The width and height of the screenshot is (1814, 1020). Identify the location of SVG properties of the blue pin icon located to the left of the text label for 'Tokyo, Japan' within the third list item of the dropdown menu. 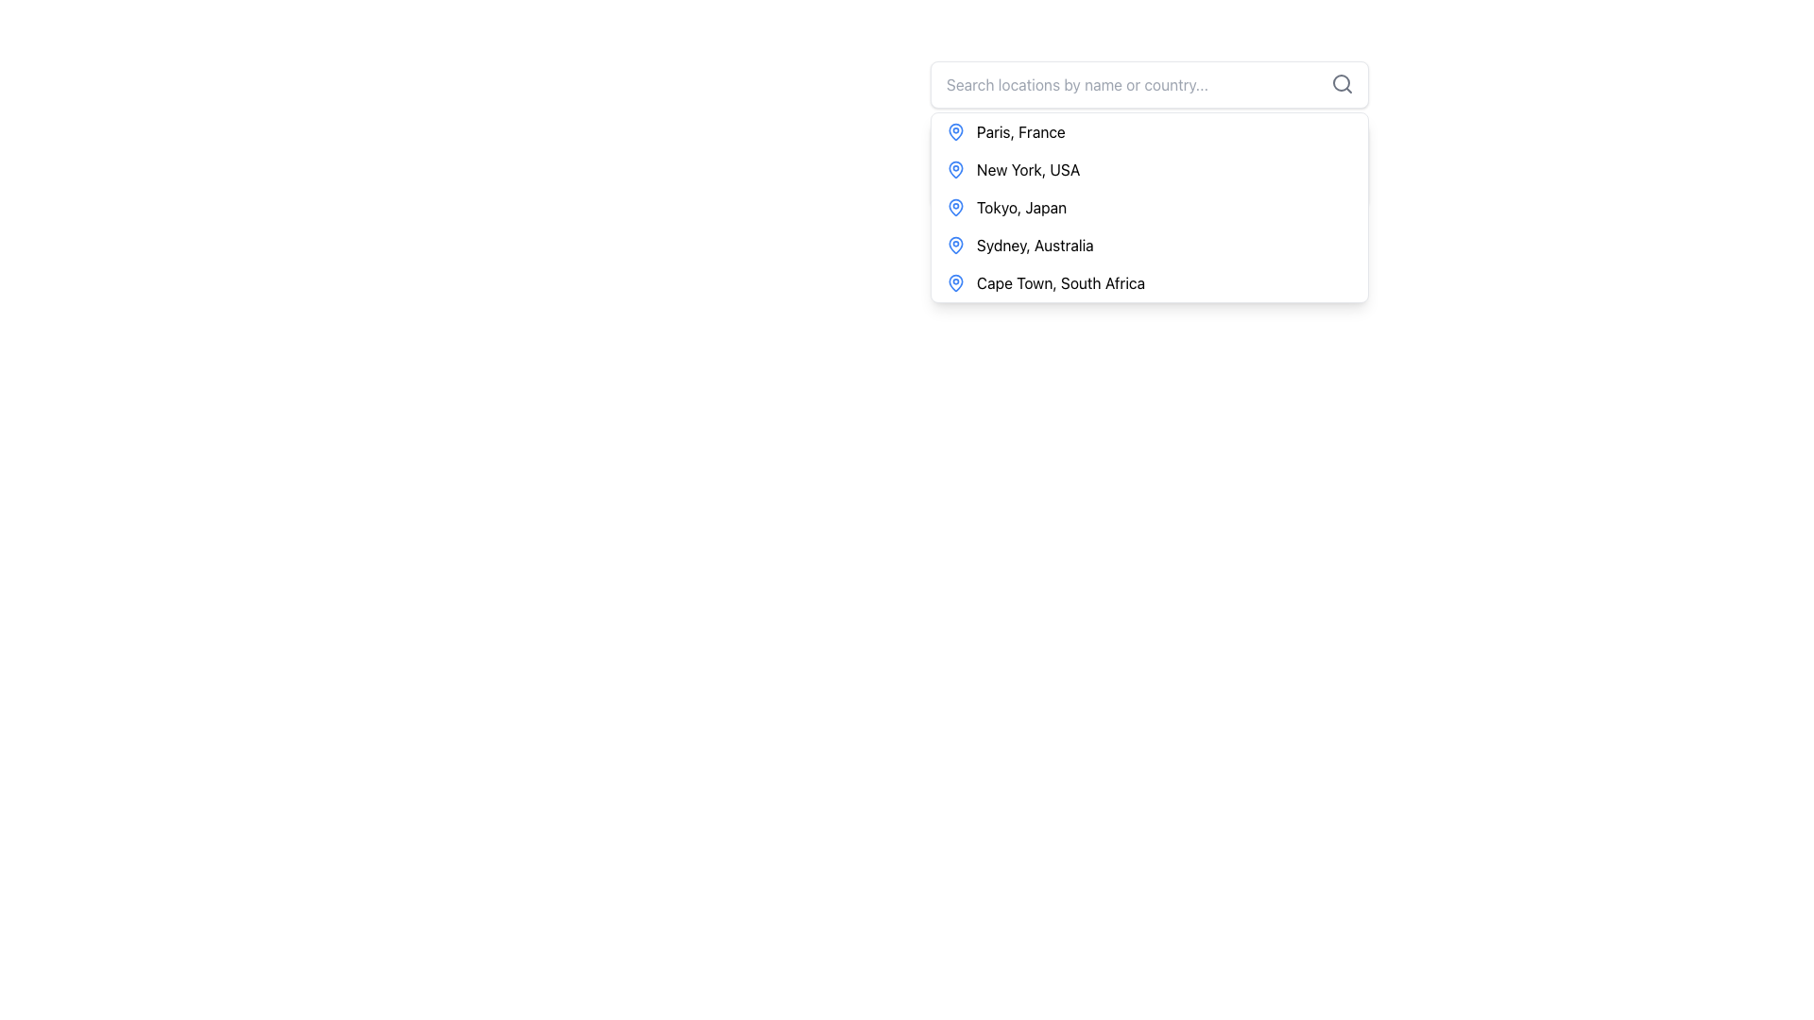
(956, 207).